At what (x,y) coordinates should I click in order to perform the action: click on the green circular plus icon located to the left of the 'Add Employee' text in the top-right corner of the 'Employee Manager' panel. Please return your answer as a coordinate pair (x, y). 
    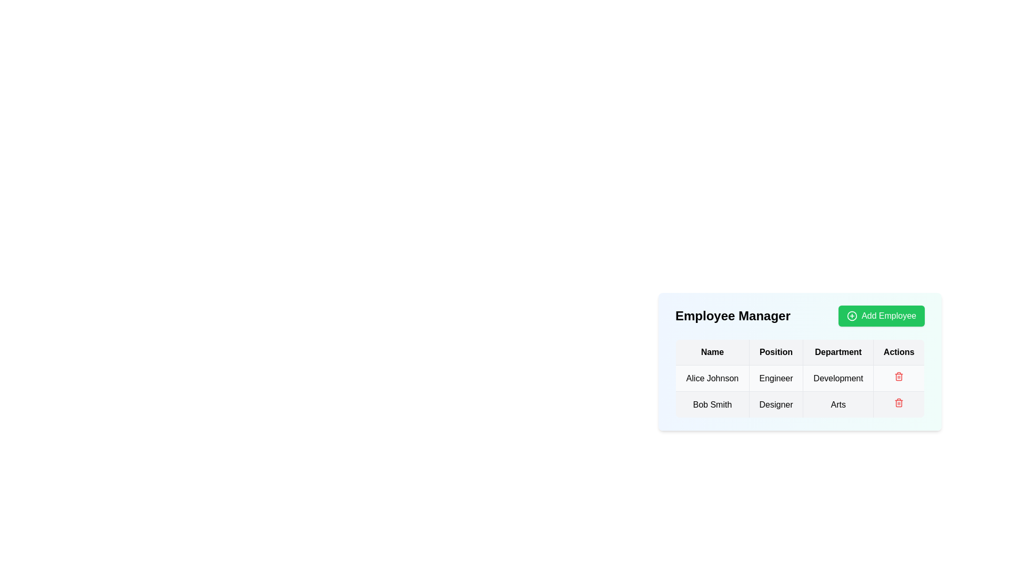
    Looking at the image, I should click on (852, 316).